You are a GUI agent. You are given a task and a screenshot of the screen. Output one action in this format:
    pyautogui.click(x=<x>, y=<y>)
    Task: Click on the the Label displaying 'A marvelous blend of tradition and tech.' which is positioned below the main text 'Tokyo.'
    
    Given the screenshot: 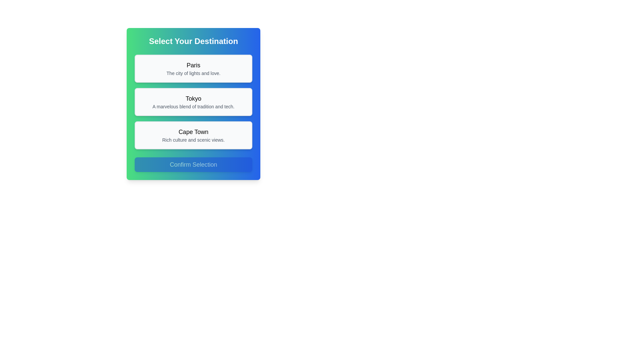 What is the action you would take?
    pyautogui.click(x=193, y=106)
    